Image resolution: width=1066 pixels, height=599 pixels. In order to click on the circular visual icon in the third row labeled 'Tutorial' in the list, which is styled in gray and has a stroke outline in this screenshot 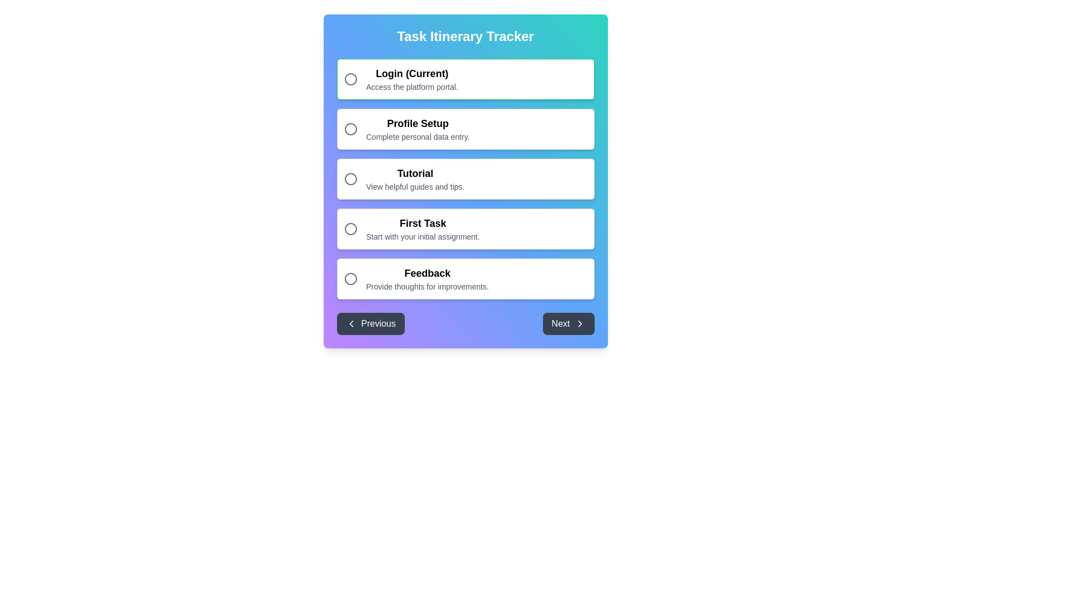, I will do `click(350, 179)`.